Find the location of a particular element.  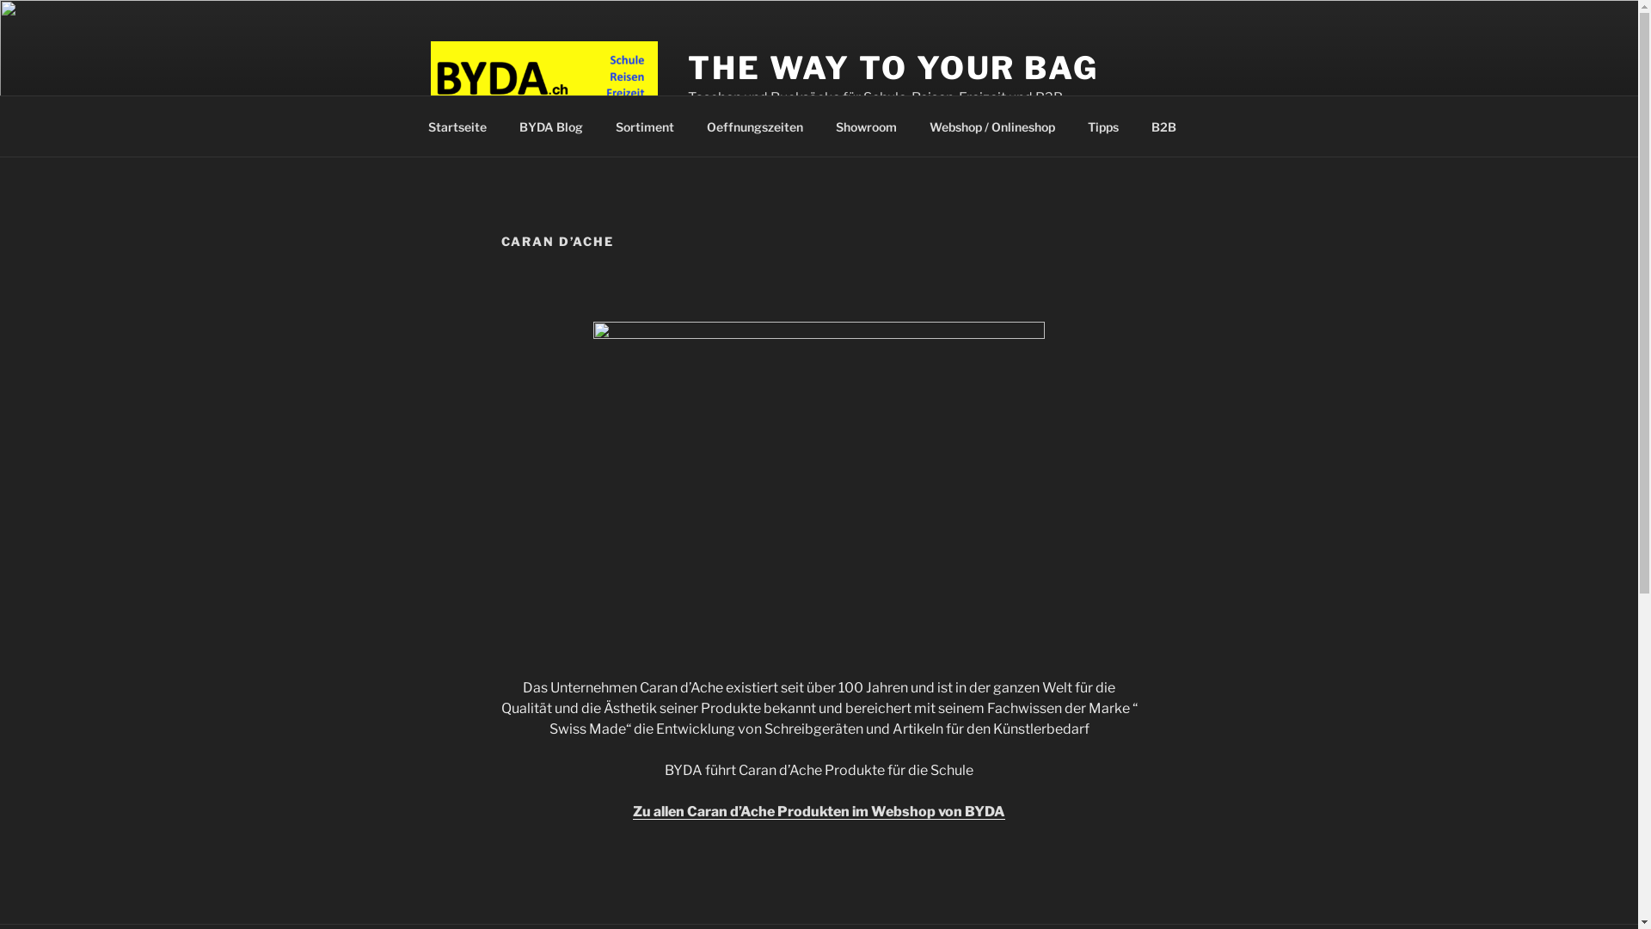

'Sortiment' is located at coordinates (643, 125).